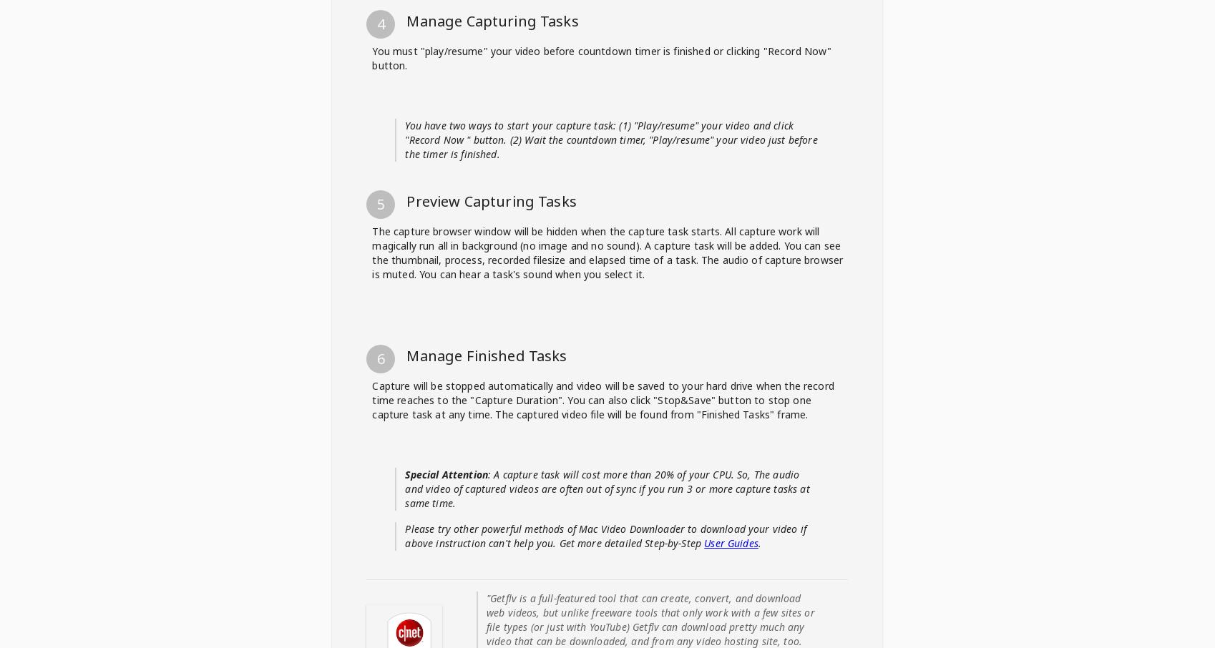  Describe the element at coordinates (610, 550) in the screenshot. I see `'You have two ways to start your capture task: (1) "Play/resume" your video and click "Record Now " button. (2) Wait the countdown timer, "Play/resume" your video just before the timer is finished.'` at that location.